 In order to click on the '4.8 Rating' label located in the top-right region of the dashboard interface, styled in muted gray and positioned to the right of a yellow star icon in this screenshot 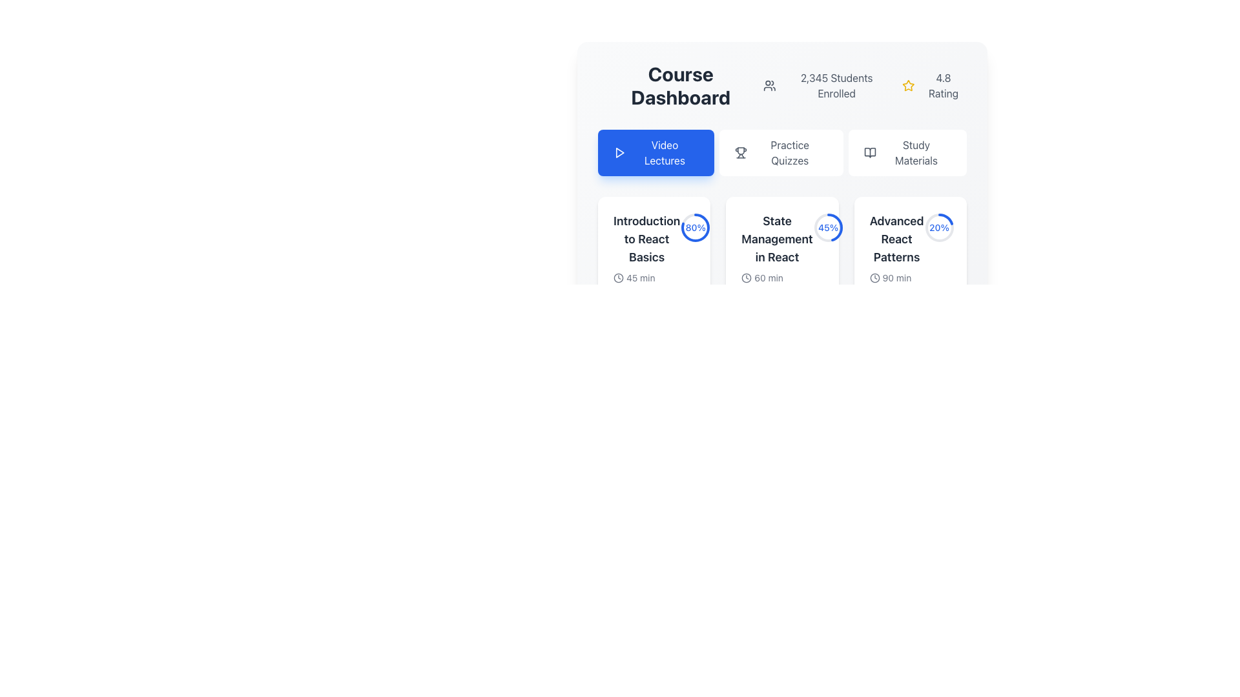, I will do `click(943, 85)`.